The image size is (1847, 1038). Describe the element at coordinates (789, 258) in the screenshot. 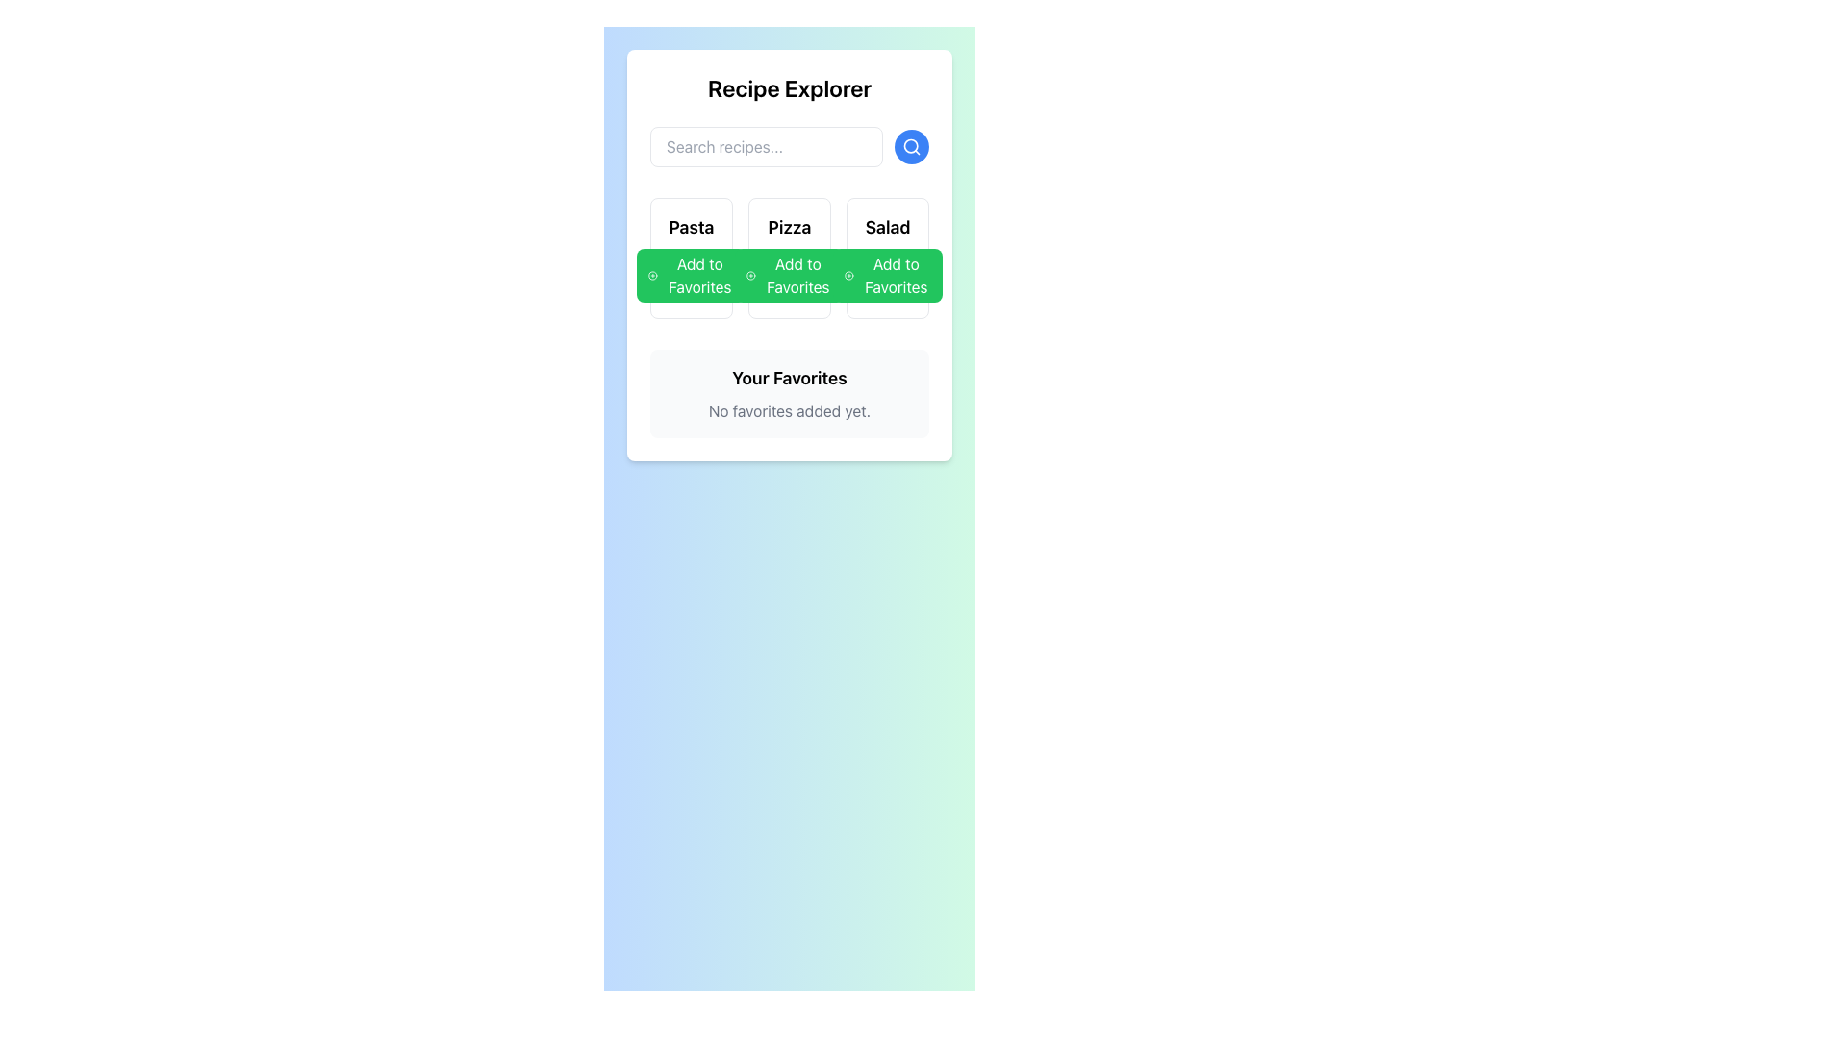

I see `the buttons in the grid layout that contains 'Add to Favorites' buttons for recipes located beneath the 'Search recipes...' input field` at that location.